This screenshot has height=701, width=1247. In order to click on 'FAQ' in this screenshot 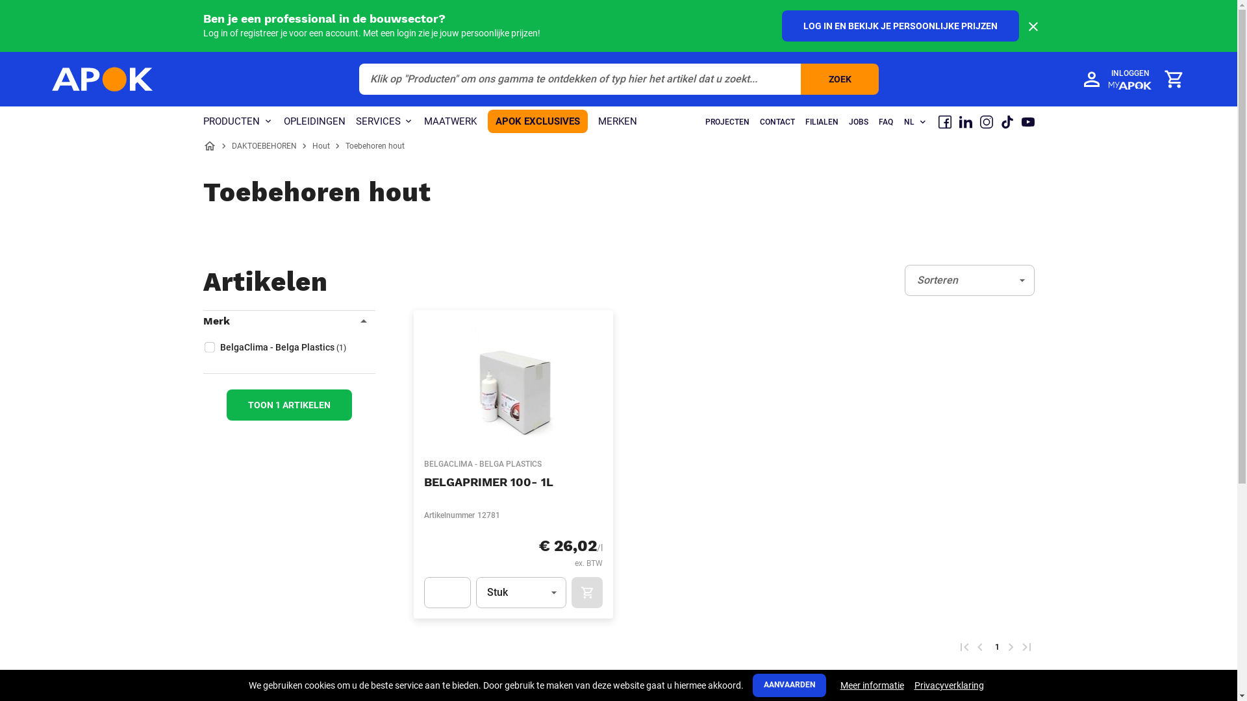, I will do `click(885, 122)`.